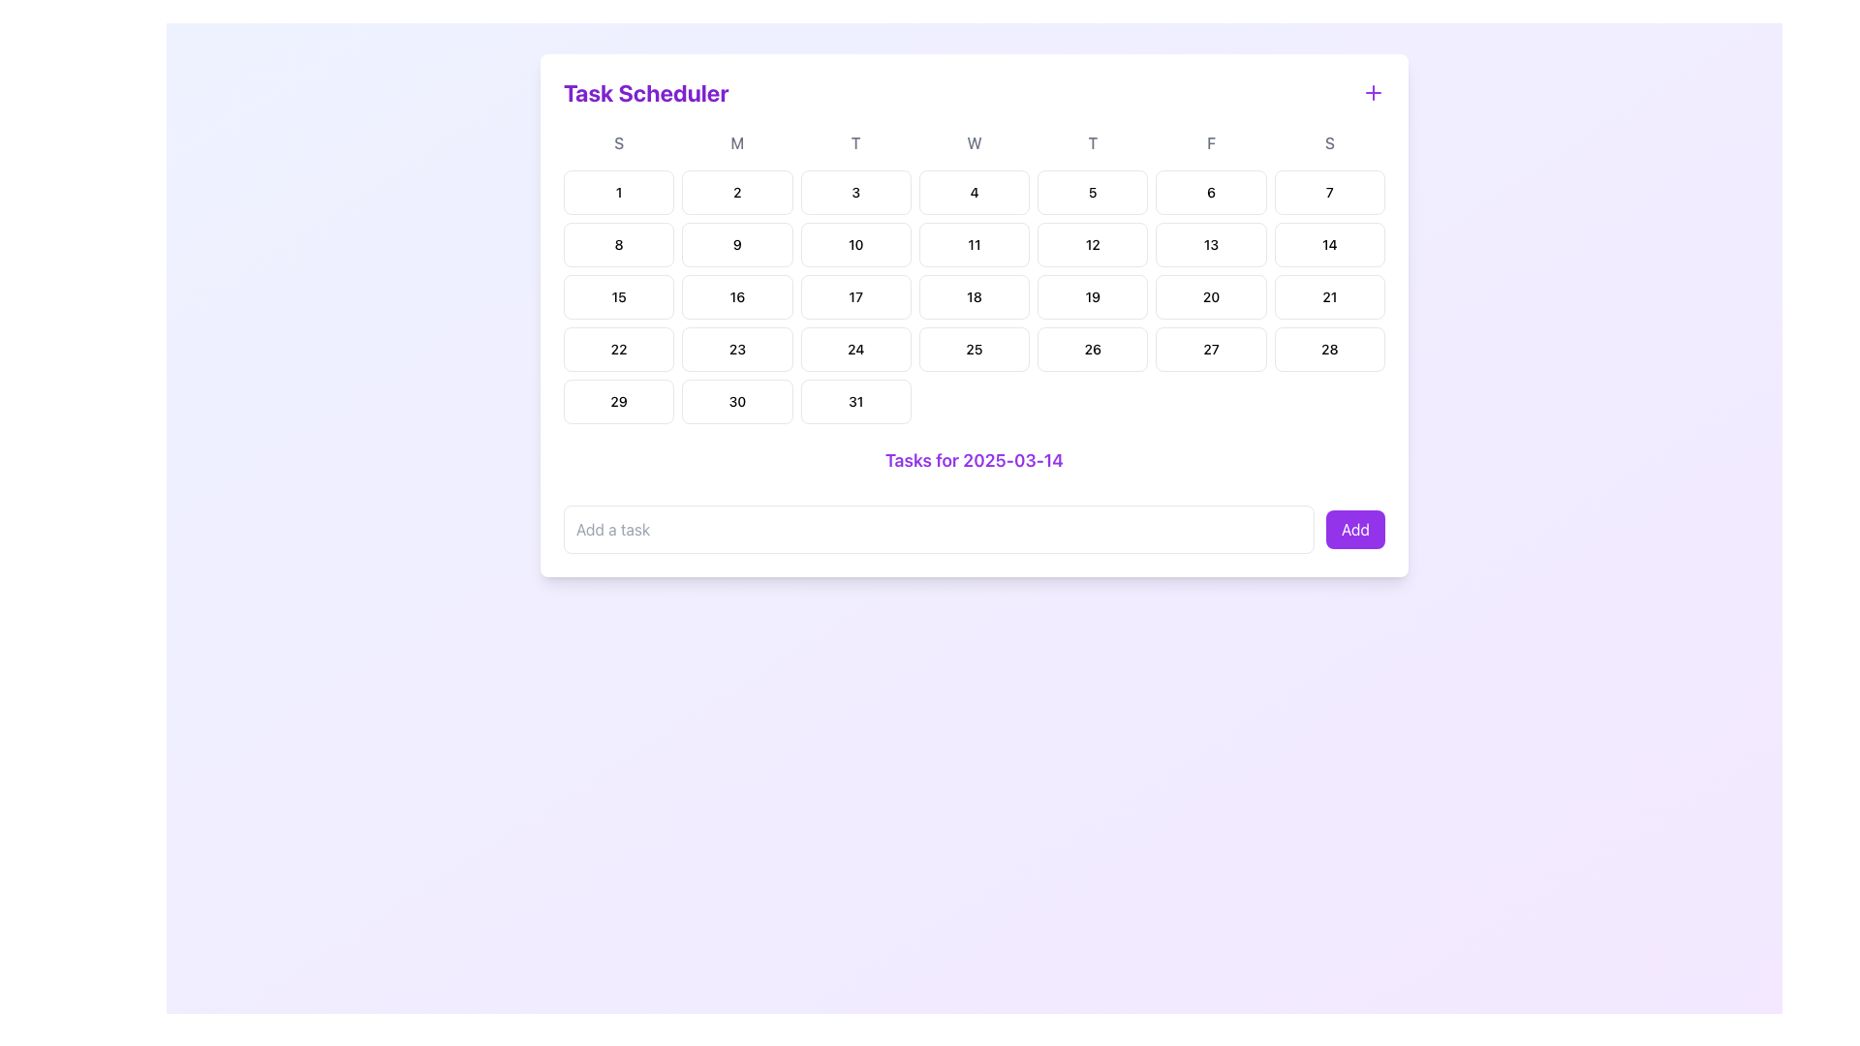 Image resolution: width=1860 pixels, height=1046 pixels. I want to click on the action button located at the bottom-right corner of the task scheduler interface, so click(1354, 530).